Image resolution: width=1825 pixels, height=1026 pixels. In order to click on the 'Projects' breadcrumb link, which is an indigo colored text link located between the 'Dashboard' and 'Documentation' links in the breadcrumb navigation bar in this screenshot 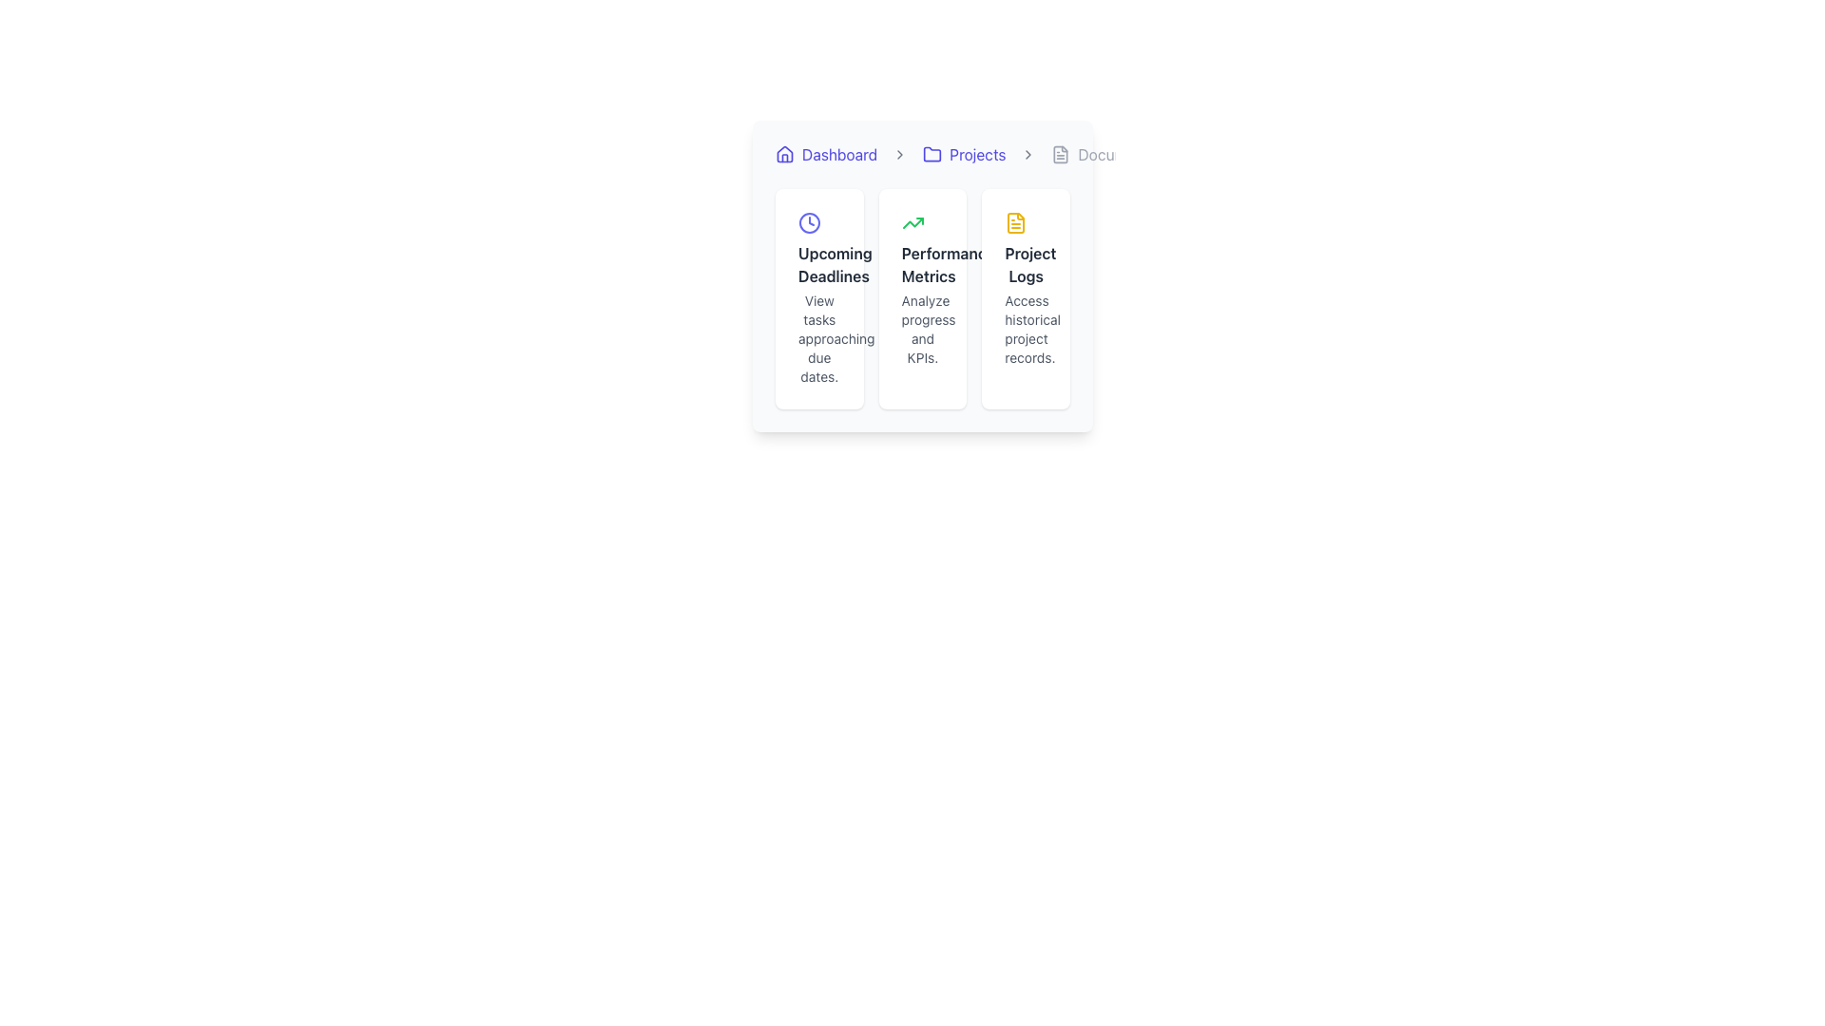, I will do `click(964, 153)`.